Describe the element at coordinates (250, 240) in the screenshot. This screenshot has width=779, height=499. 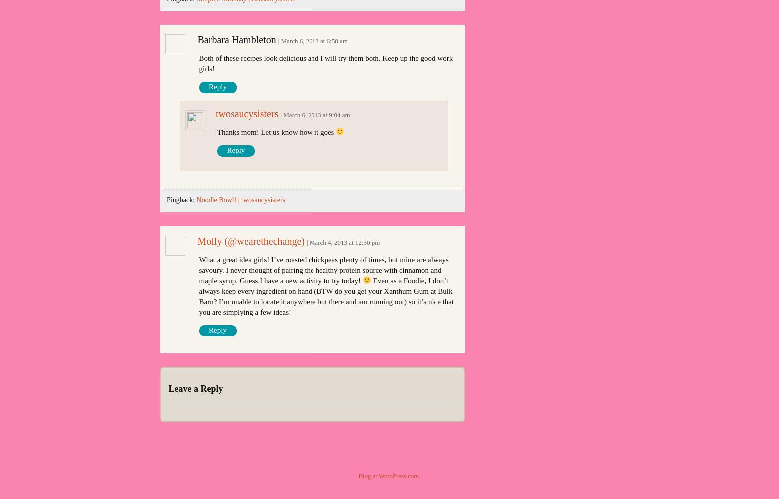
I see `'Molly (@wearethechange)'` at that location.